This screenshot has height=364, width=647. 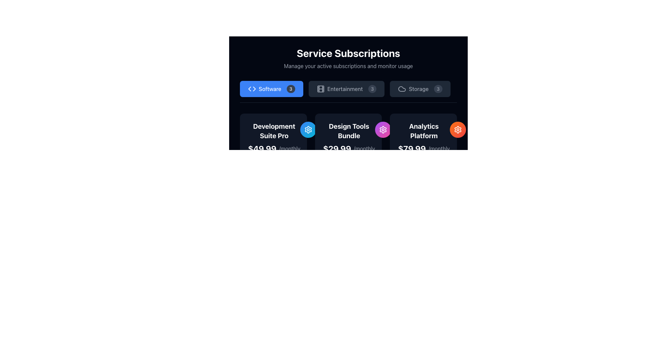 What do you see at coordinates (345, 88) in the screenshot?
I see `the 'Entertainment' label located within the button group, positioned between a film strip icon and a badge with the number '3'` at bounding box center [345, 88].